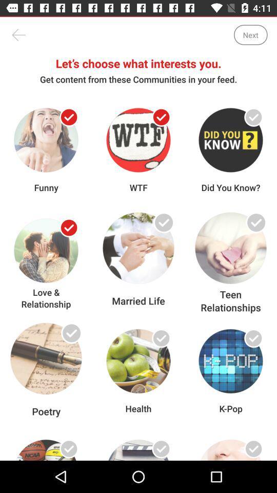  Describe the element at coordinates (161, 337) in the screenshot. I see `item as interest` at that location.